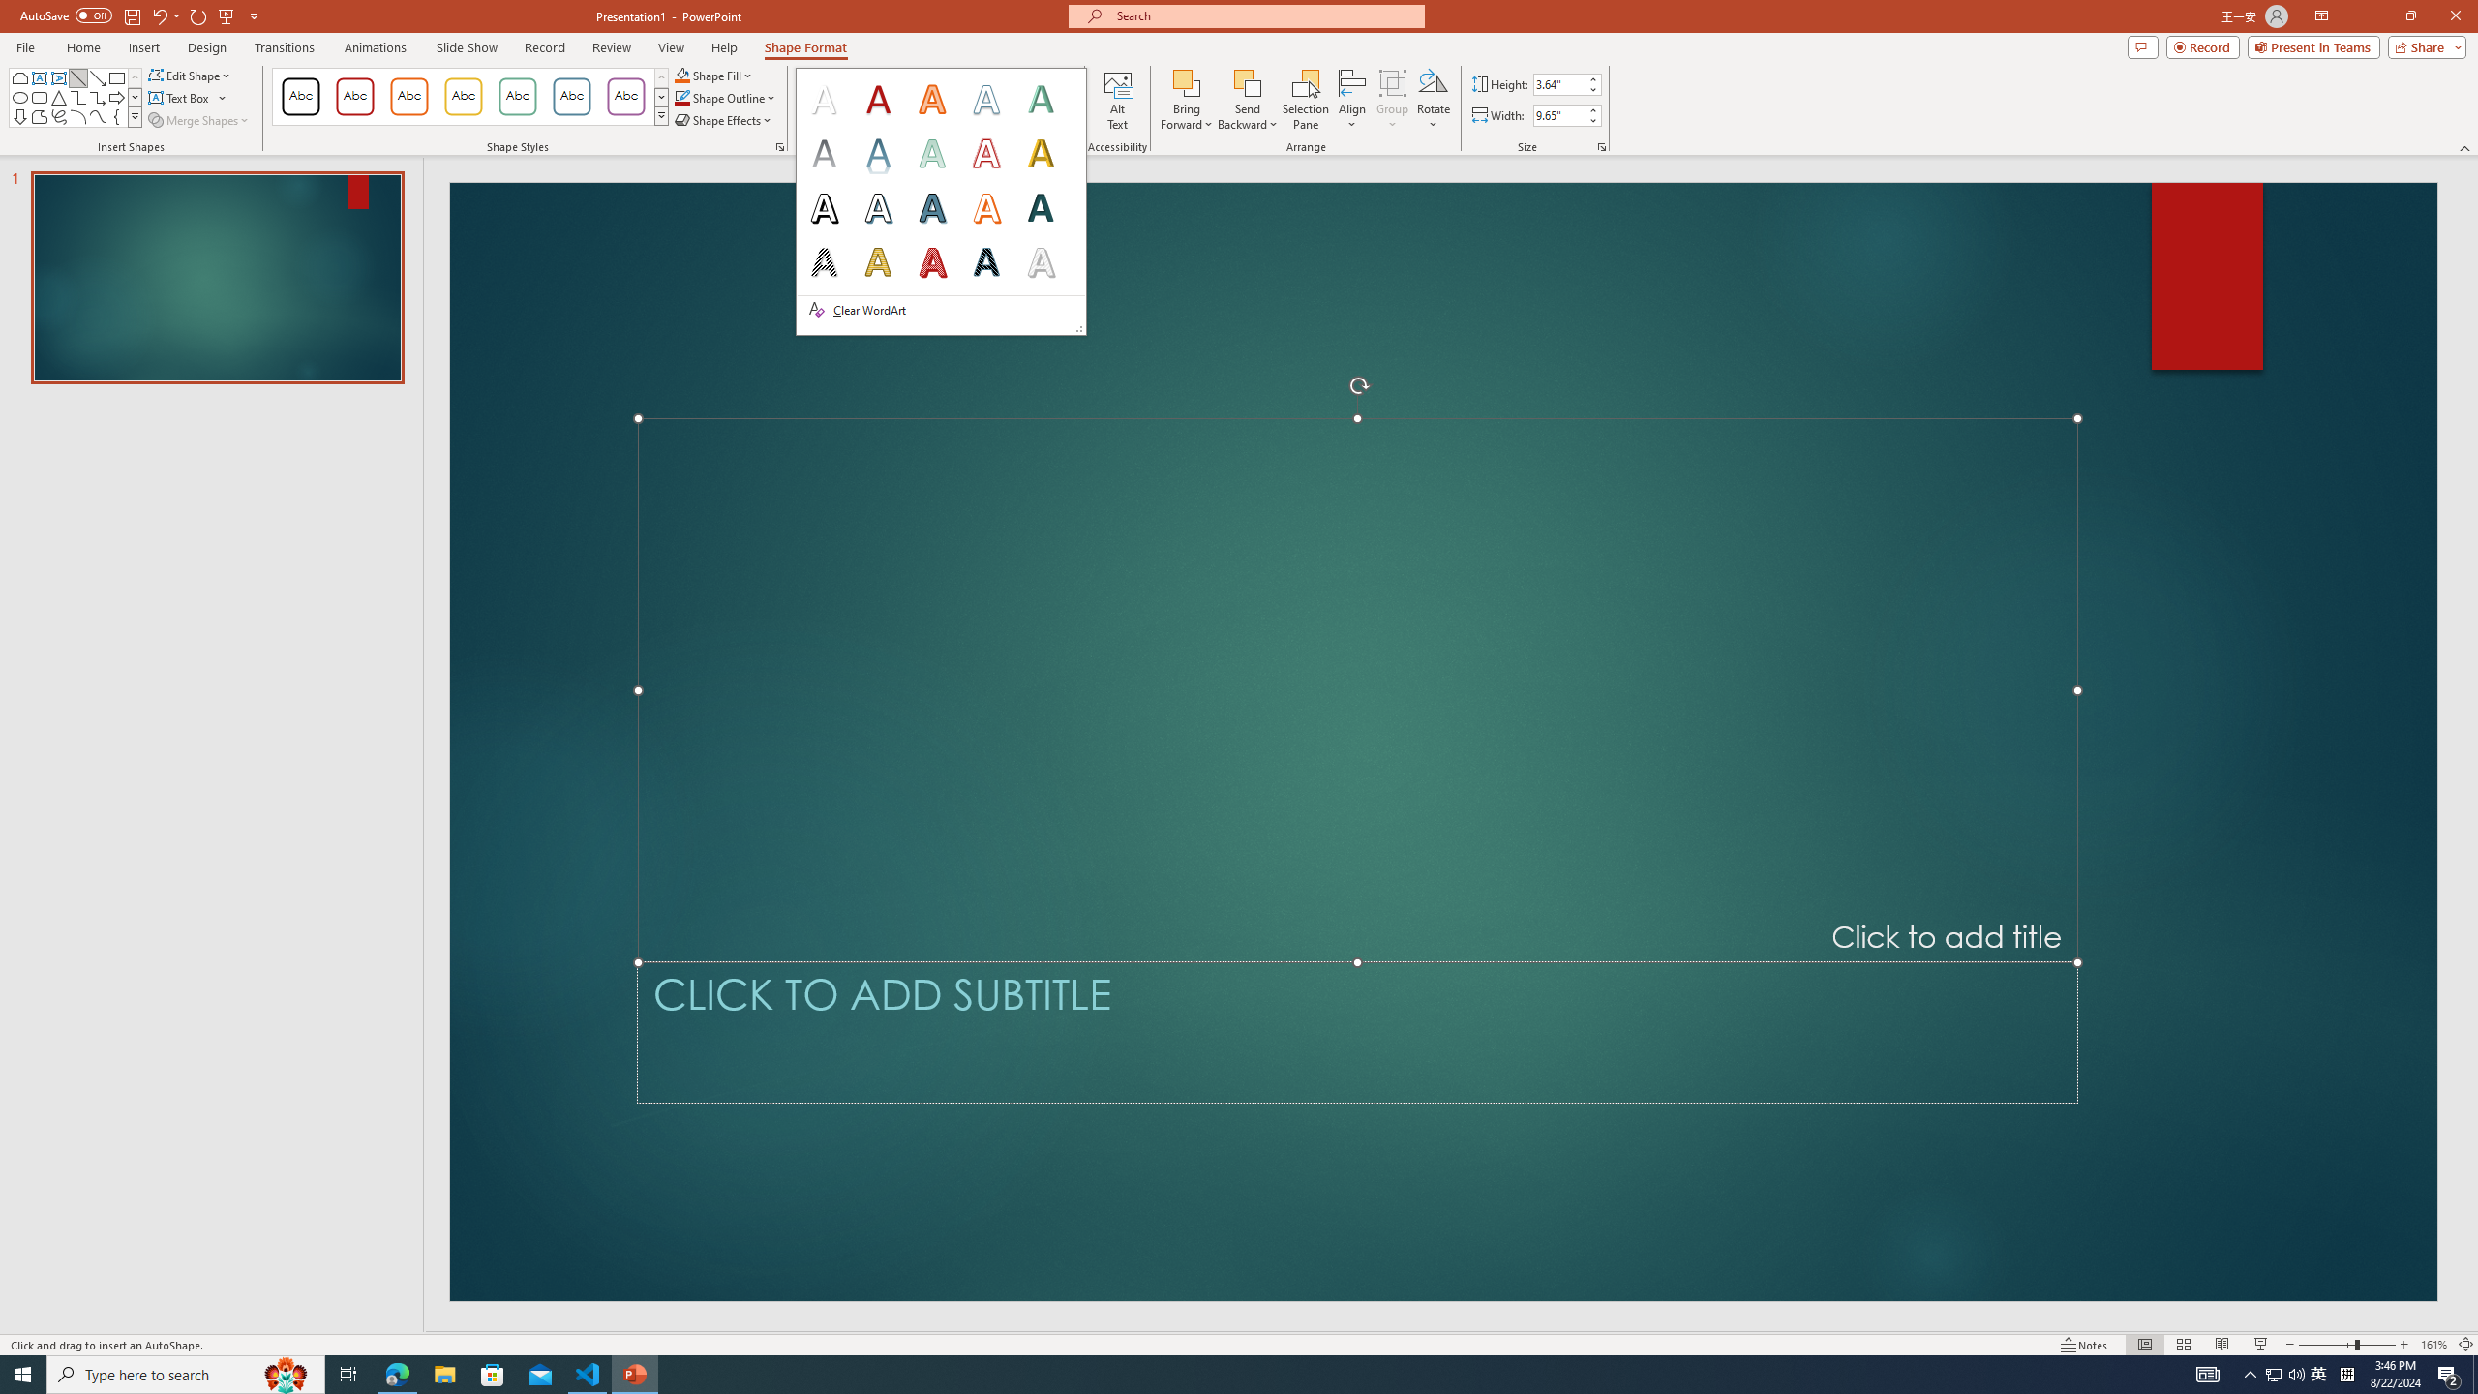  What do you see at coordinates (1188, 100) in the screenshot?
I see `'Bring Forward'` at bounding box center [1188, 100].